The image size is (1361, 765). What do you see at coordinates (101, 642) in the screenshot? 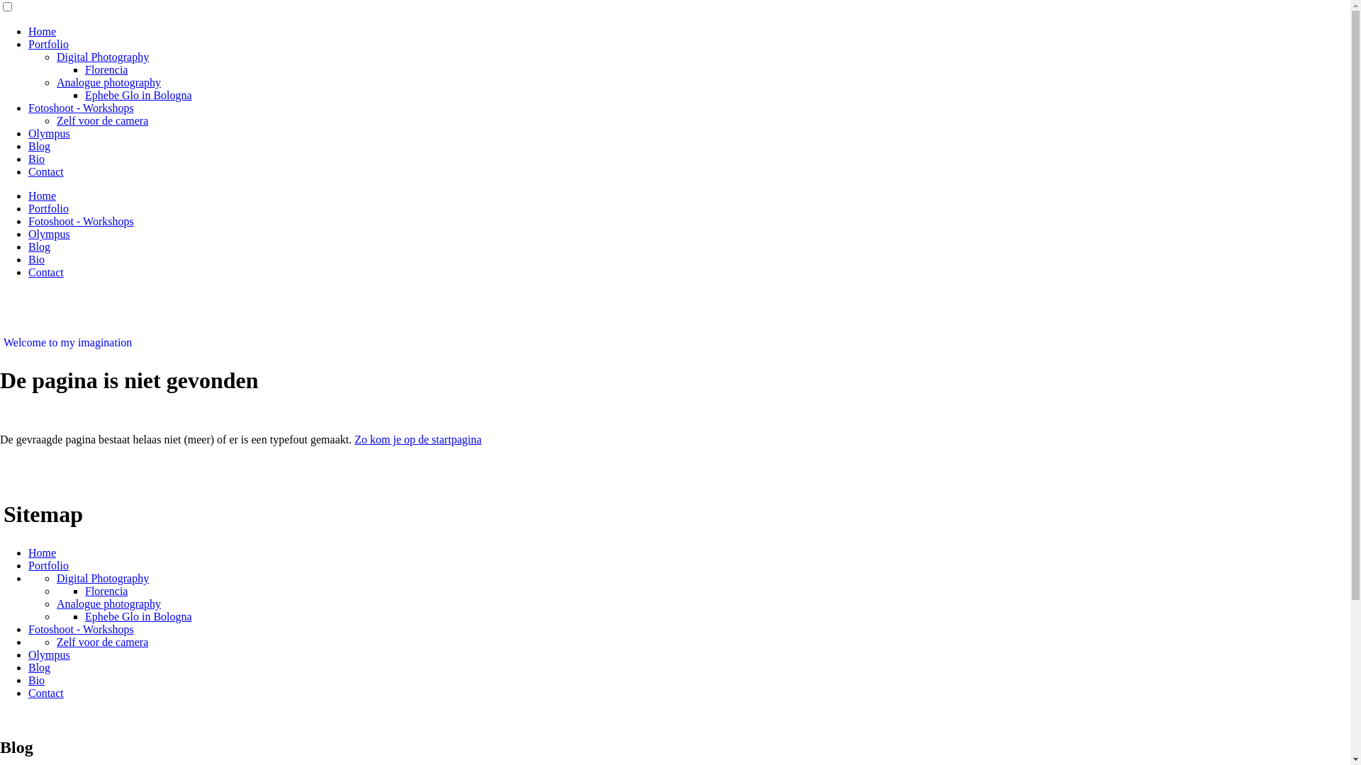
I see `'Zelf voor de camera'` at bounding box center [101, 642].